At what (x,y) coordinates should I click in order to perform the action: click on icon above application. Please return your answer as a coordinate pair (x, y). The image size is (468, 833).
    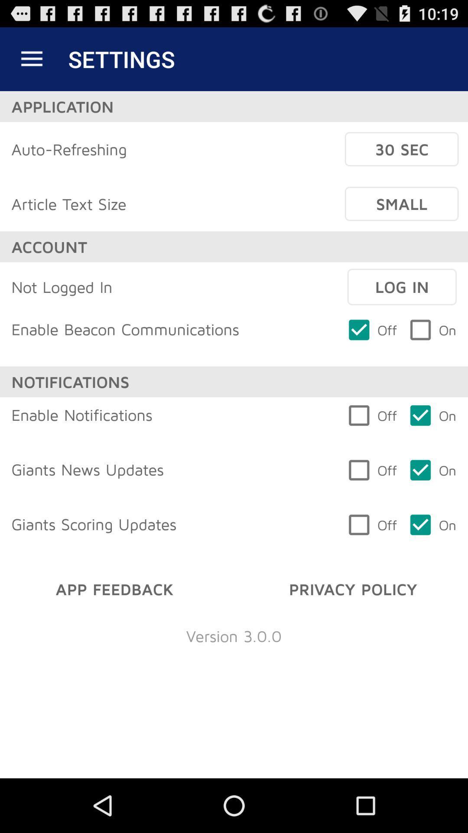
    Looking at the image, I should click on (31, 59).